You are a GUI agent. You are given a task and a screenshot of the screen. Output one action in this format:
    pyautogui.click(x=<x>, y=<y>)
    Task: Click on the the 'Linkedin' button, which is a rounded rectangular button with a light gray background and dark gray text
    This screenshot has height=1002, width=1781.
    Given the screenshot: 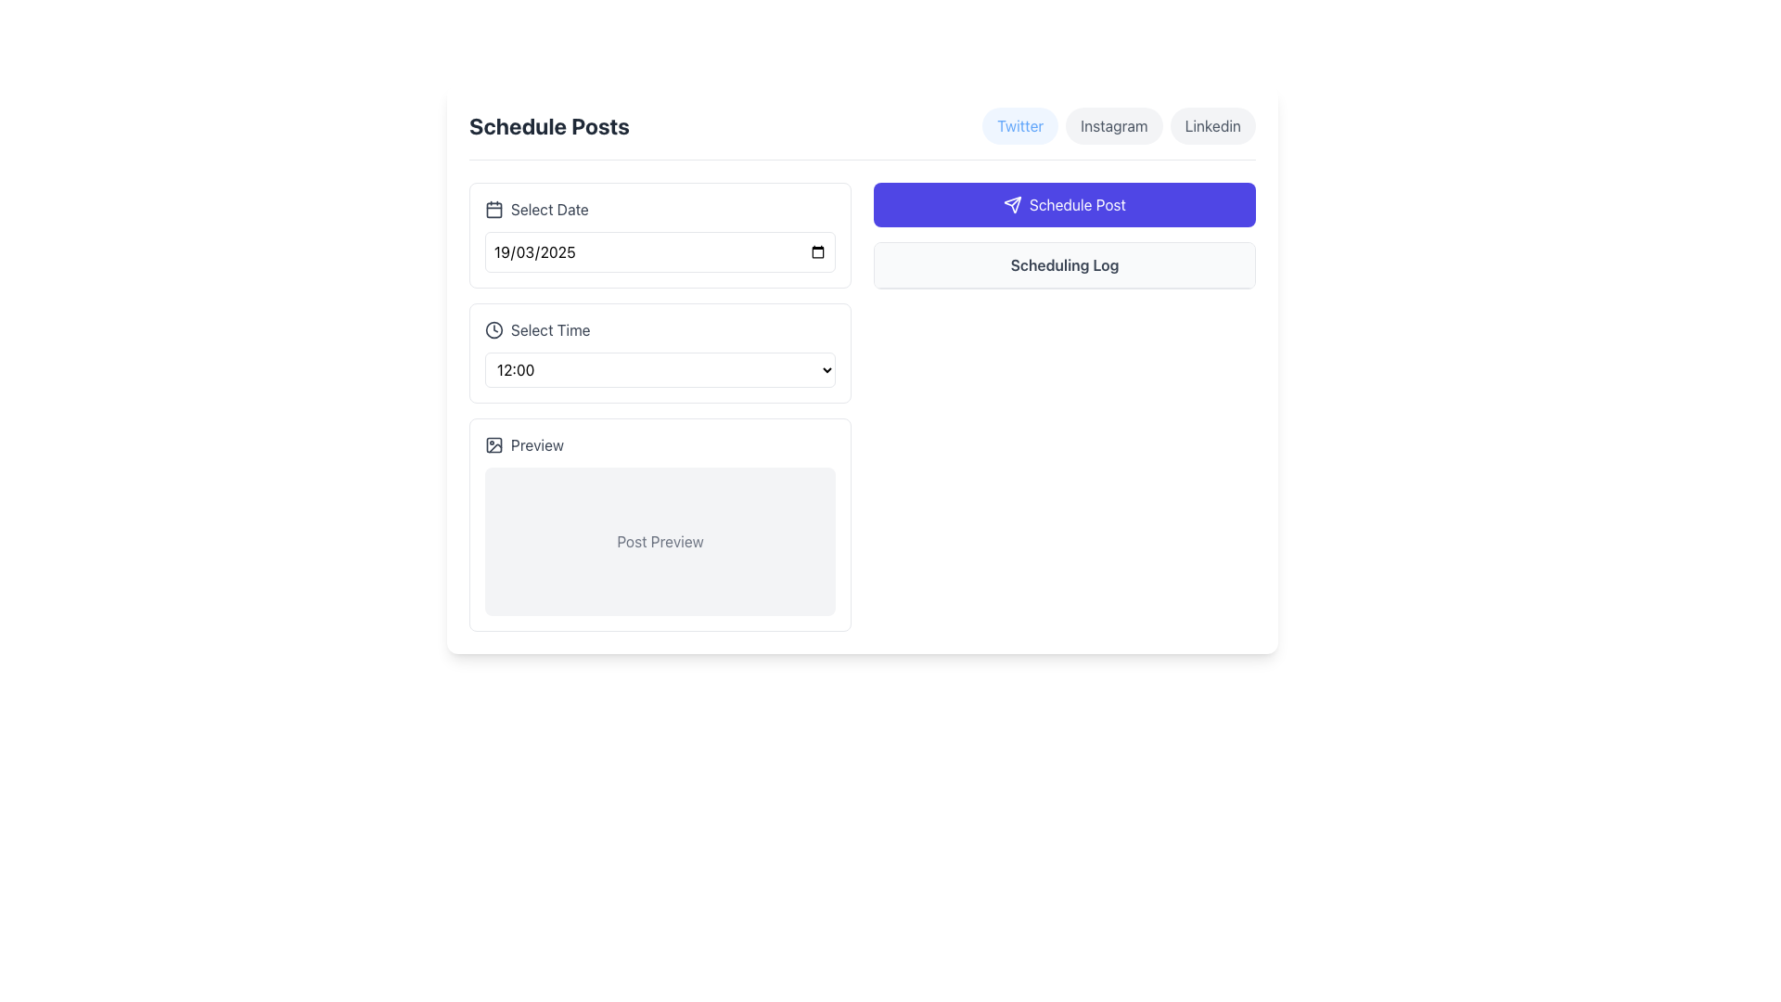 What is the action you would take?
    pyautogui.click(x=1212, y=125)
    